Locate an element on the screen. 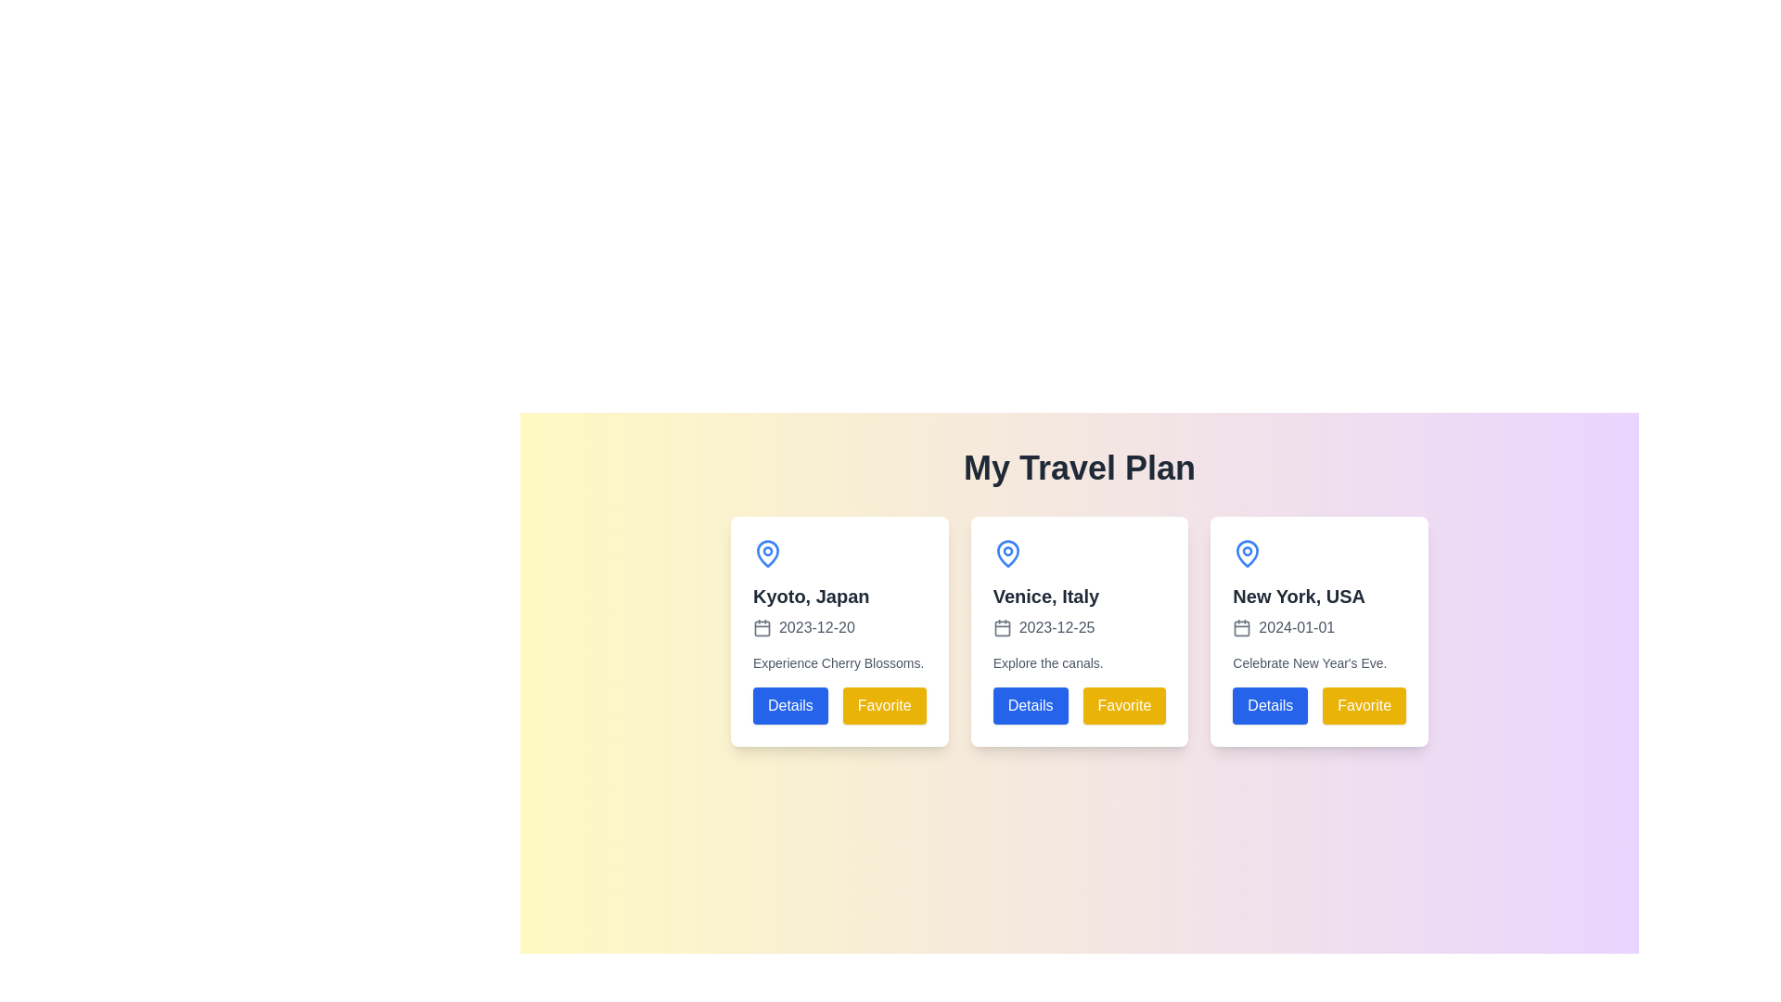 The height and width of the screenshot is (1002, 1781). the static text element that serves as the title for the third card, which features the location 'New York, USA' positioned at the top-center of the card is located at coordinates (1298, 597).